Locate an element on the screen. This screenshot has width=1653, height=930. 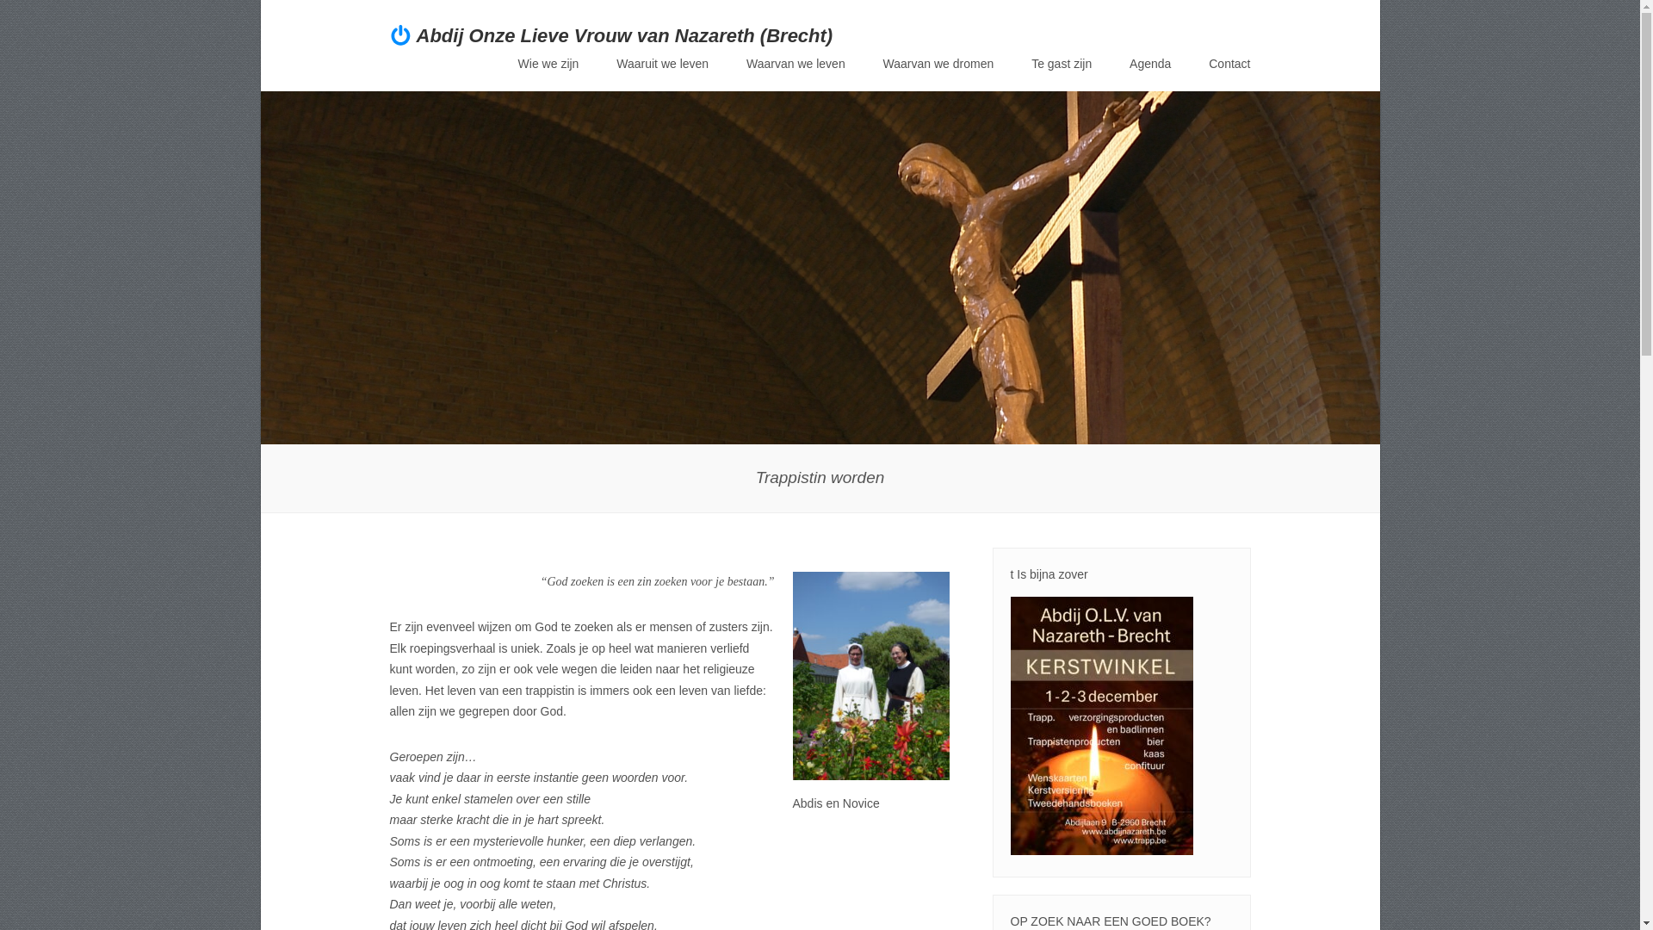
'Waaruit we leven' is located at coordinates (661, 62).